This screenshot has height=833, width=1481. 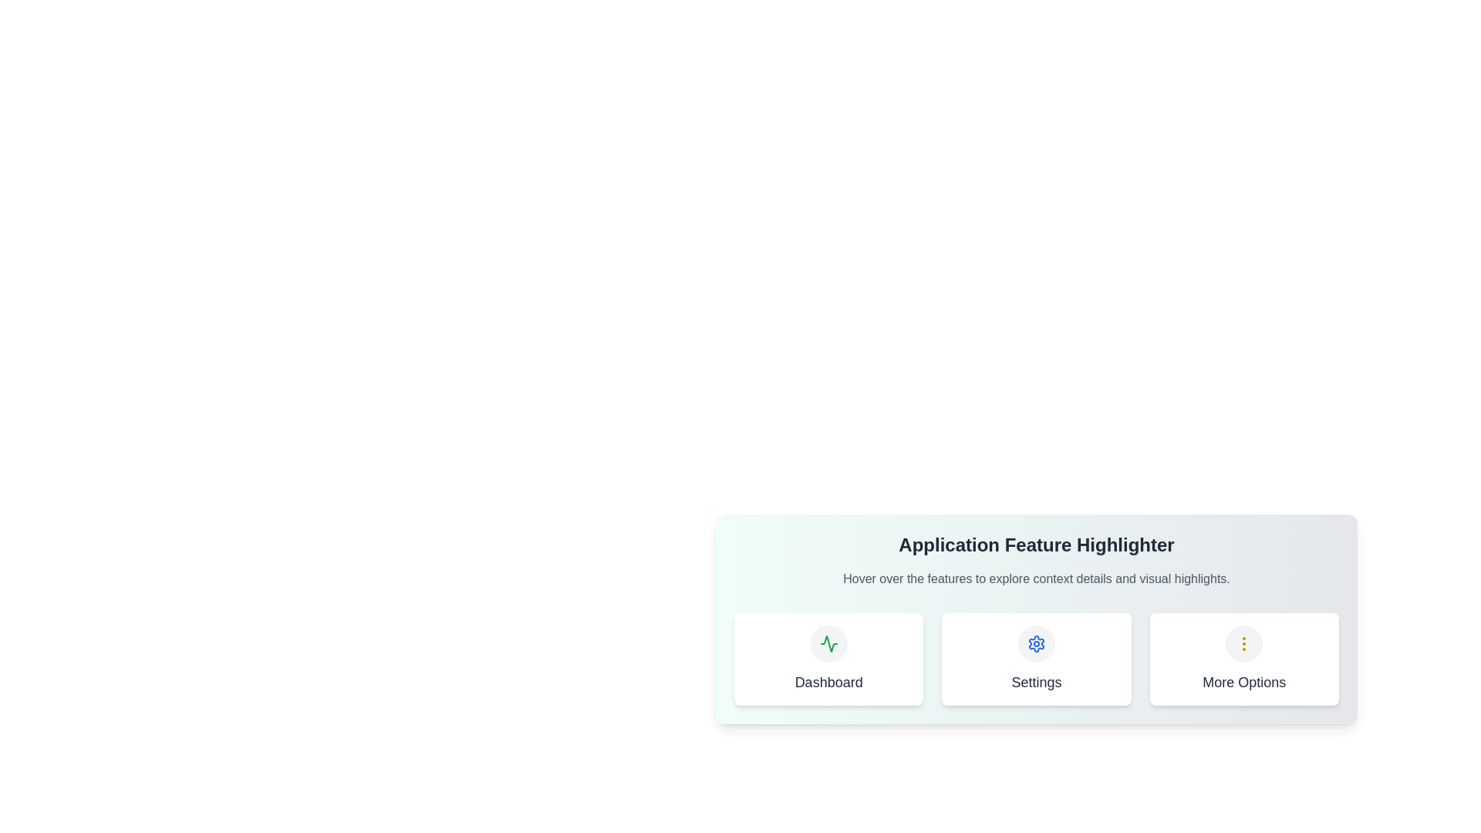 What do you see at coordinates (1244, 643) in the screenshot?
I see `the circular icon with a light gray background and a yellow vertical ellipsis located at the top of the 'More Options' card, which is the third item in a row of cards` at bounding box center [1244, 643].